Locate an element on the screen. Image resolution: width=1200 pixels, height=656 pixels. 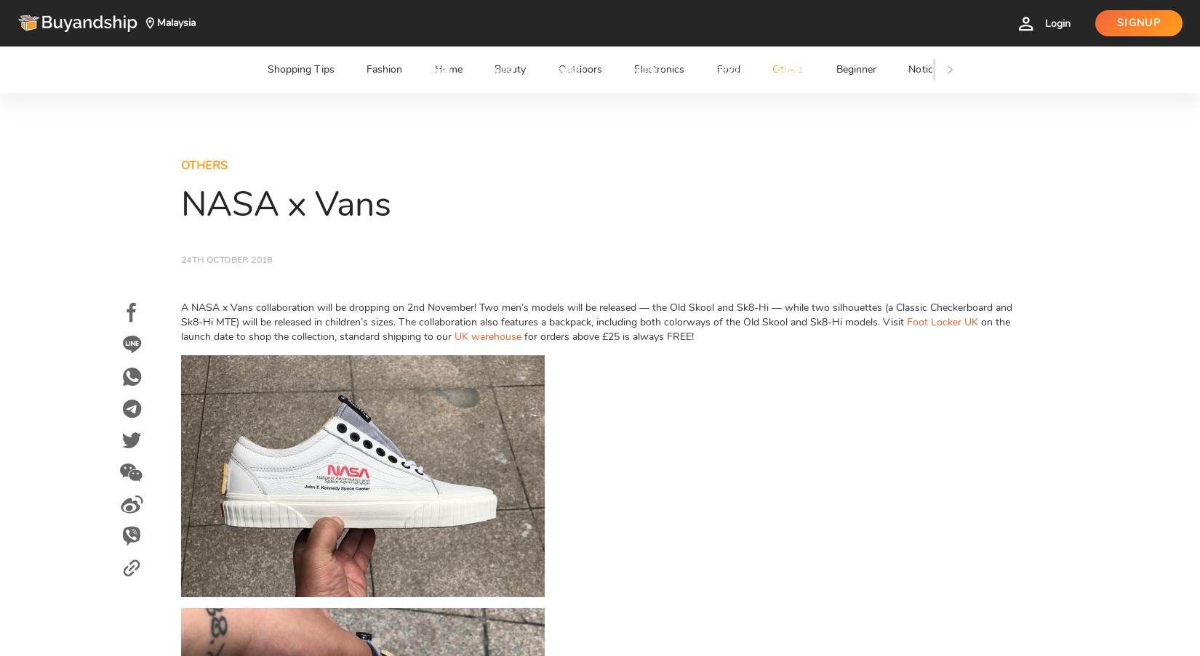
'A NASA x Vans collaboration will be dropping on 2nd November! Two men’s models will be released — the Old Skool and Sk8-Hi — while two silhouettes (a Classic Checkerboard and Sk8-Hi MTE) will be released in children’s sizes. The collaboration also features a backpack, including both colorways of the Old Skool and Sk8-Hi models. Visit' is located at coordinates (596, 314).